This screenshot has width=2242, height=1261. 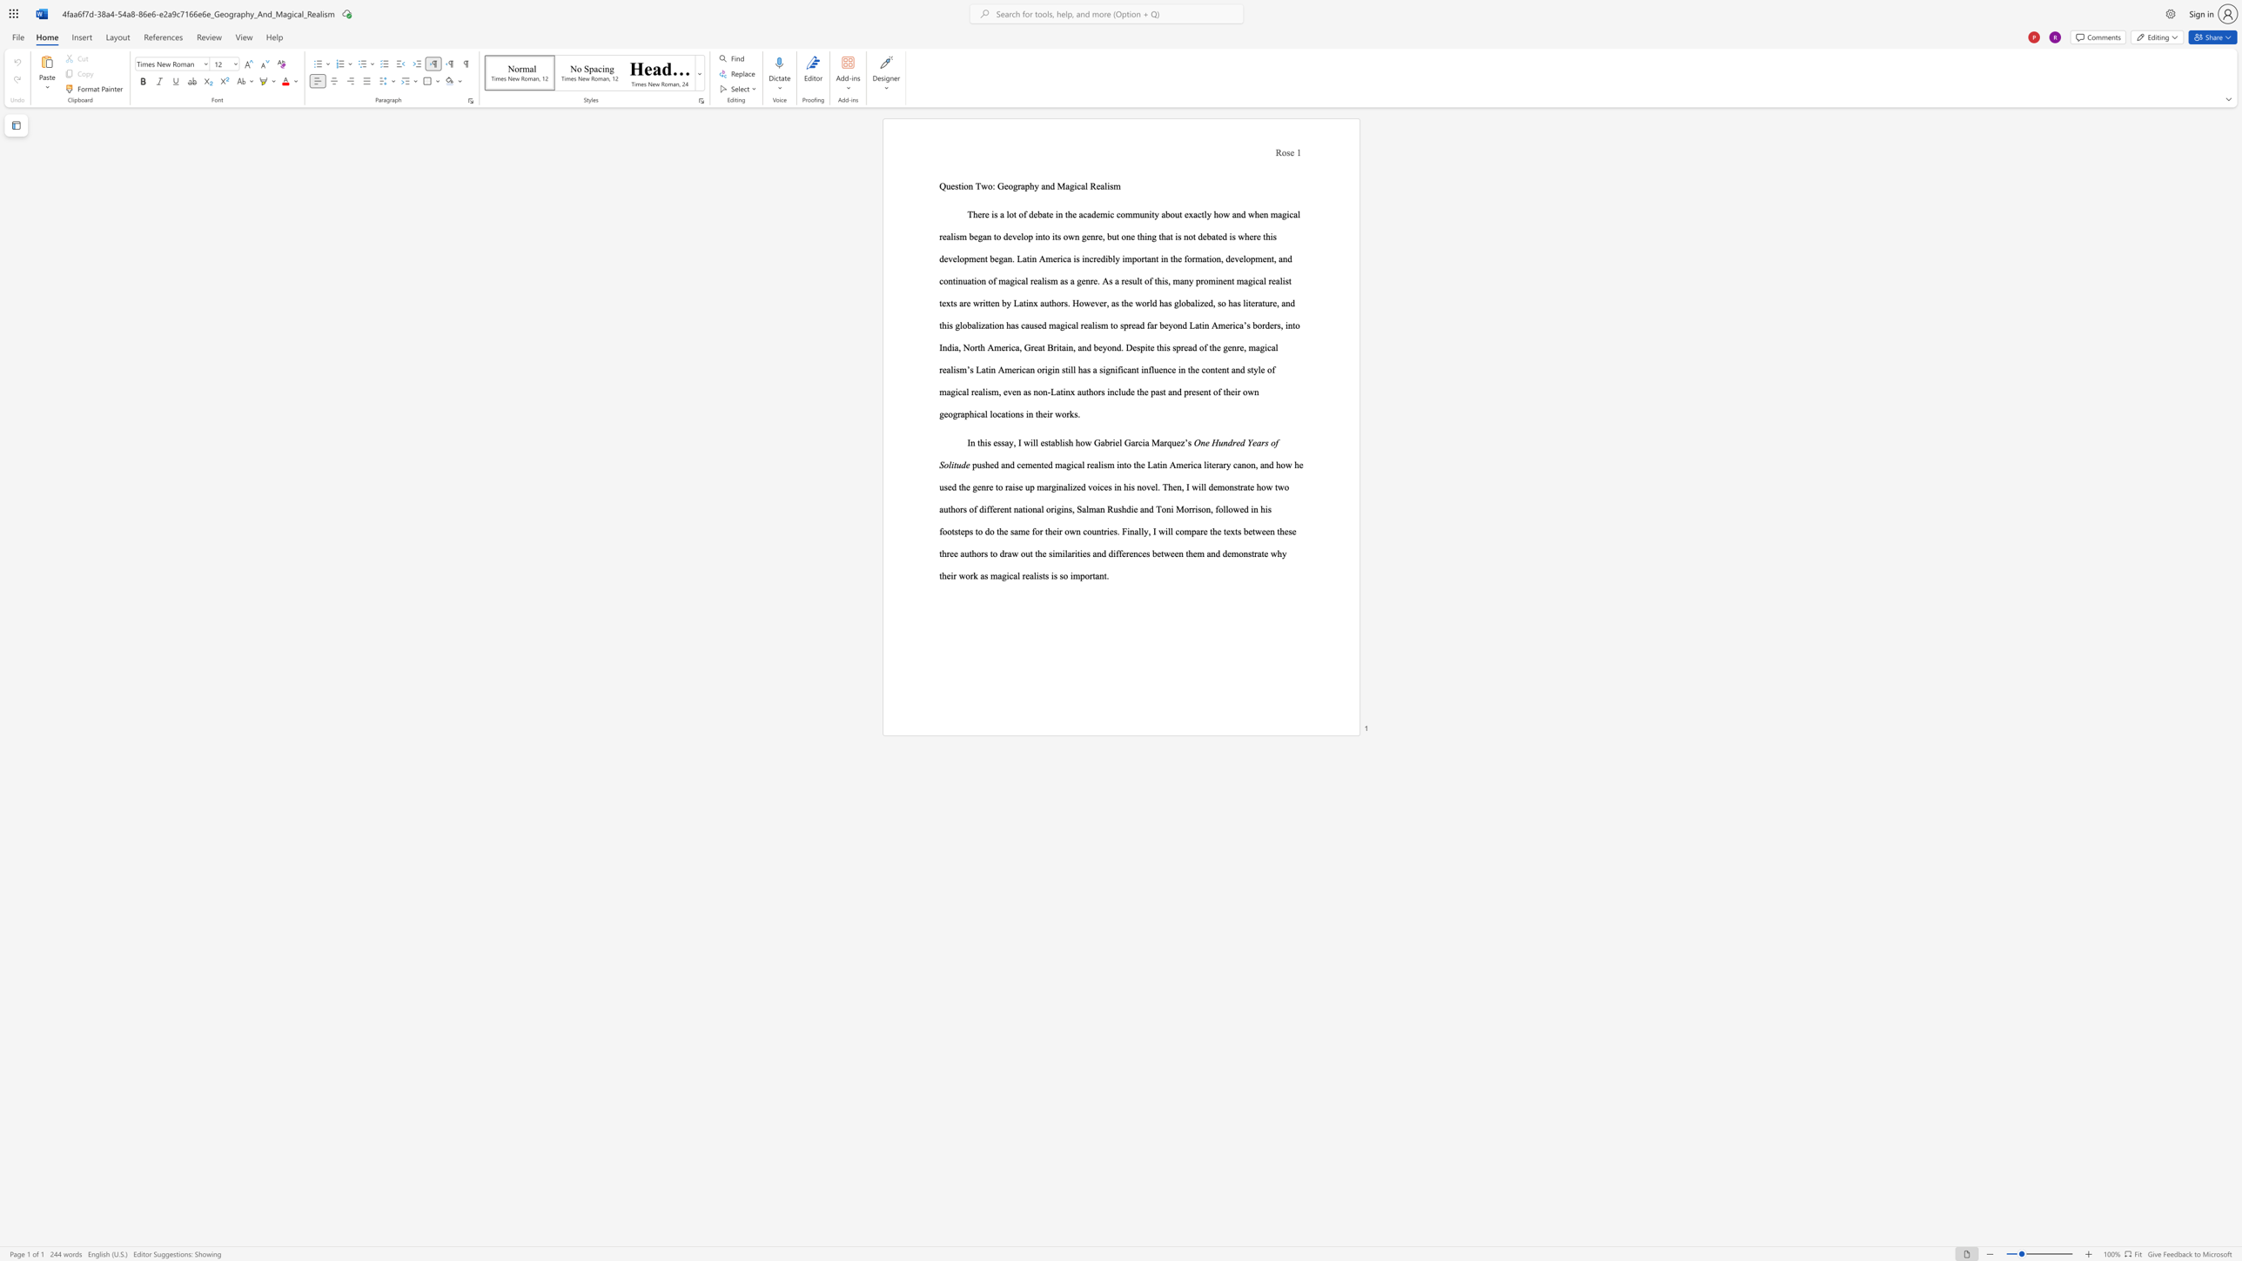 I want to click on the subset text "their work as magi" within the text "why their work as magical r", so click(x=939, y=575).